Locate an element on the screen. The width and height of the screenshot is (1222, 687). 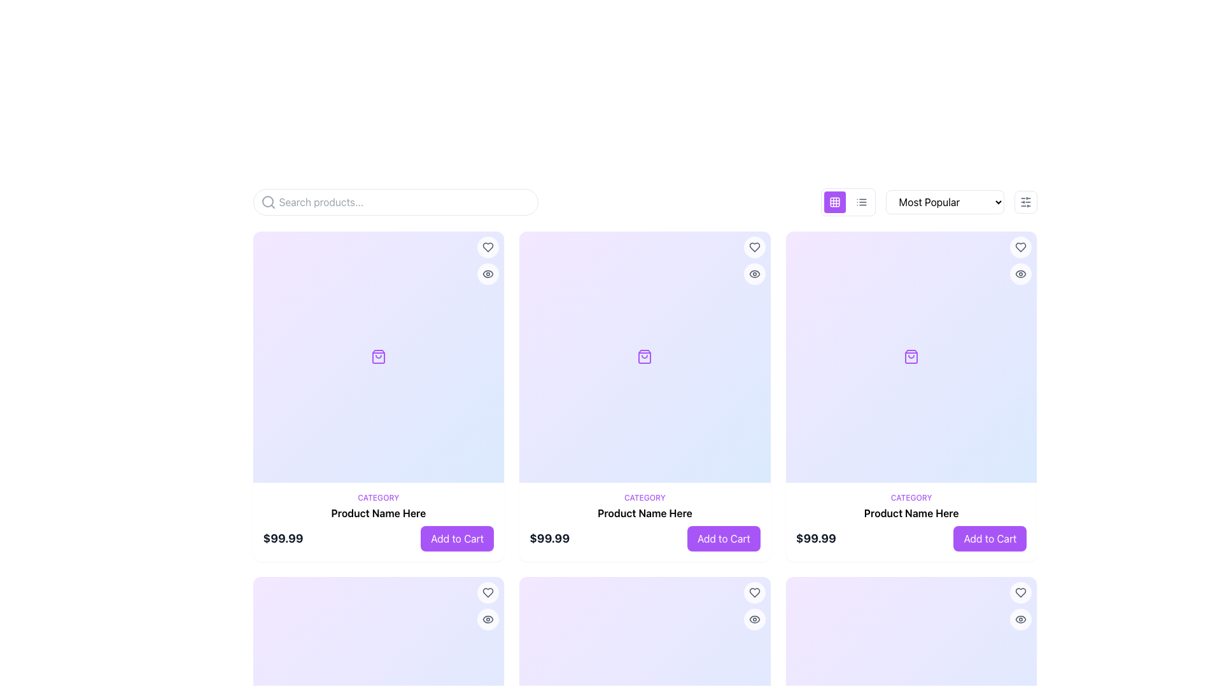
product name 'Product Name Here' and the price '$99.99' from the product display segment within the card located in the second column of the first row of the grid layout is located at coordinates (645, 522).